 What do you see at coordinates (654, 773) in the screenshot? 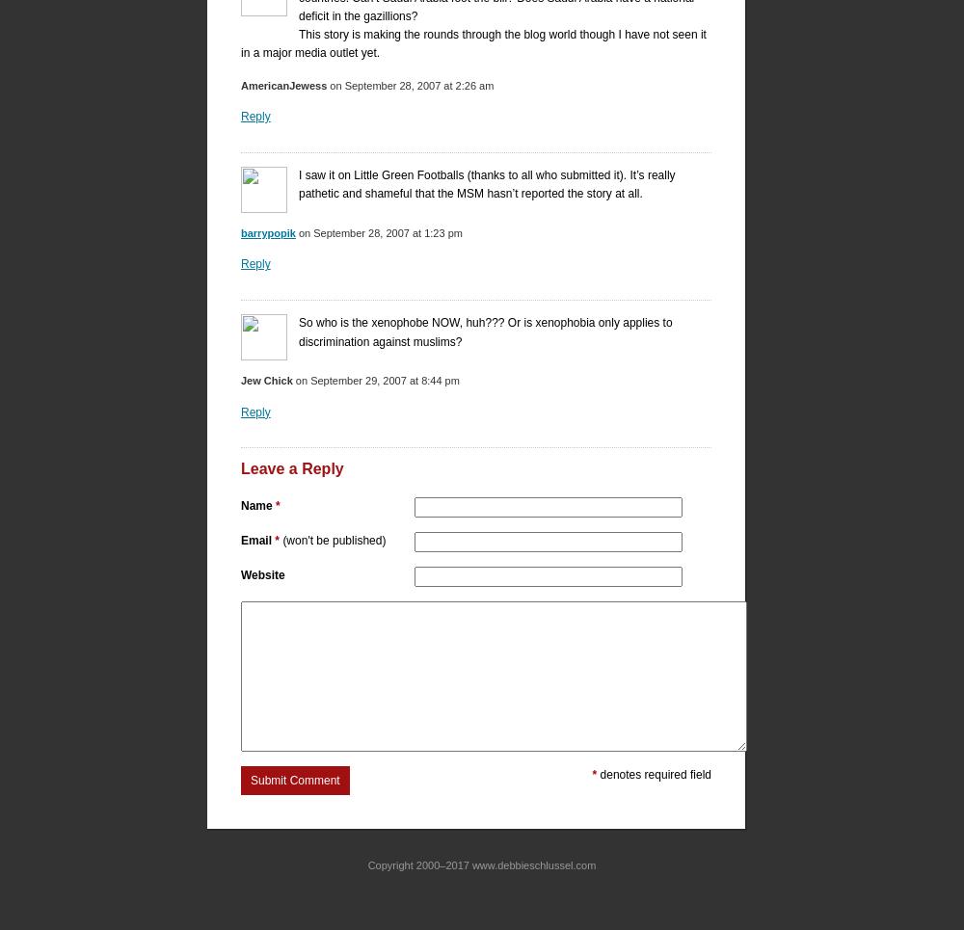
I see `'denotes required field'` at bounding box center [654, 773].